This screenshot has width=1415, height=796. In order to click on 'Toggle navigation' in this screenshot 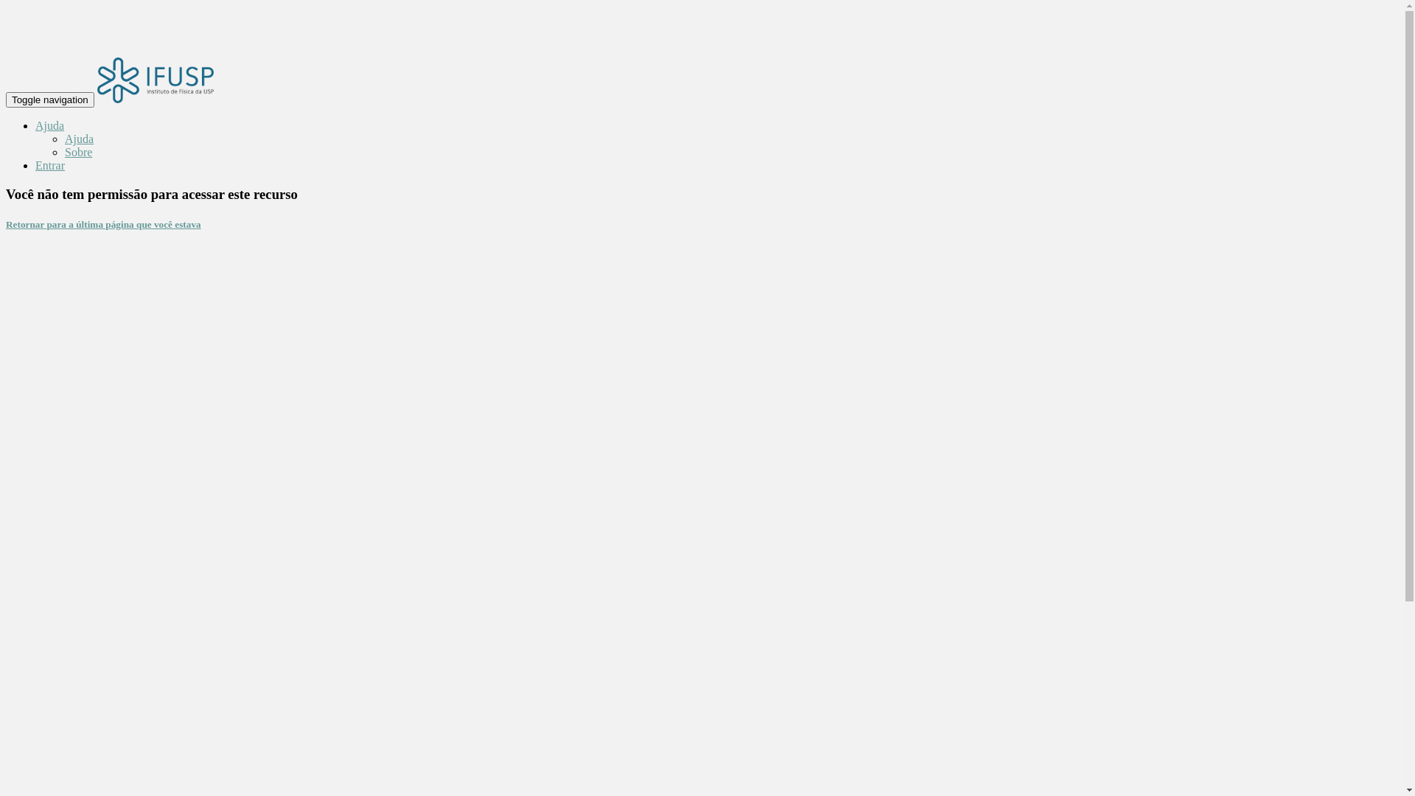, I will do `click(49, 99)`.